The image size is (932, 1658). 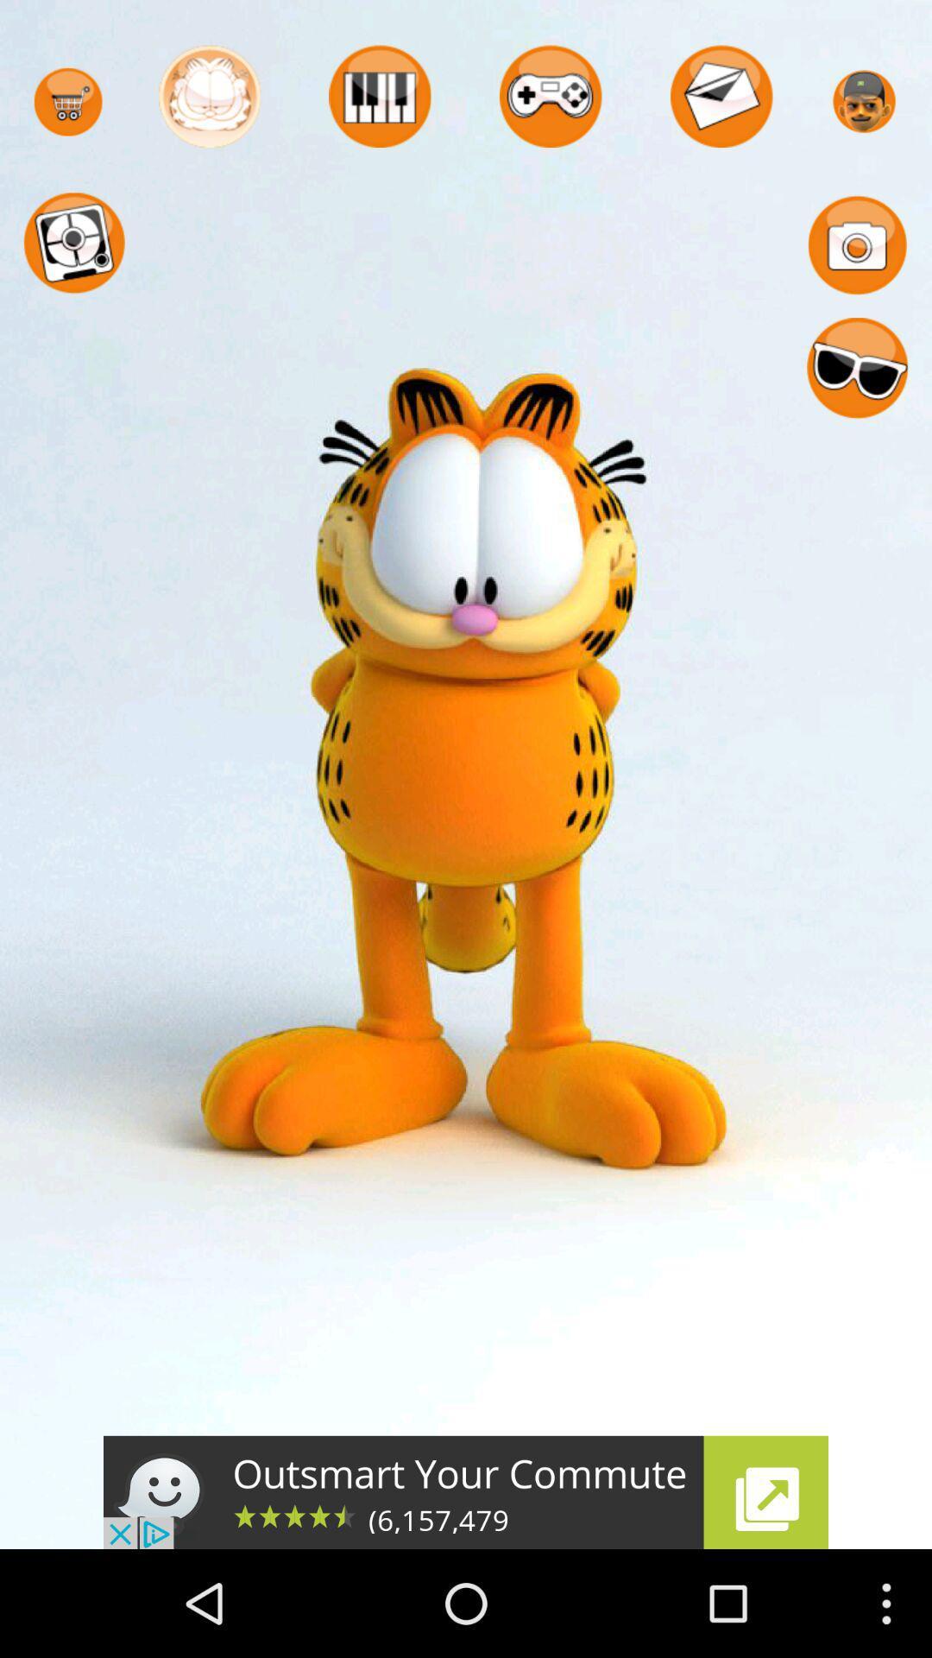 What do you see at coordinates (67, 101) in the screenshot?
I see `cart icon` at bounding box center [67, 101].